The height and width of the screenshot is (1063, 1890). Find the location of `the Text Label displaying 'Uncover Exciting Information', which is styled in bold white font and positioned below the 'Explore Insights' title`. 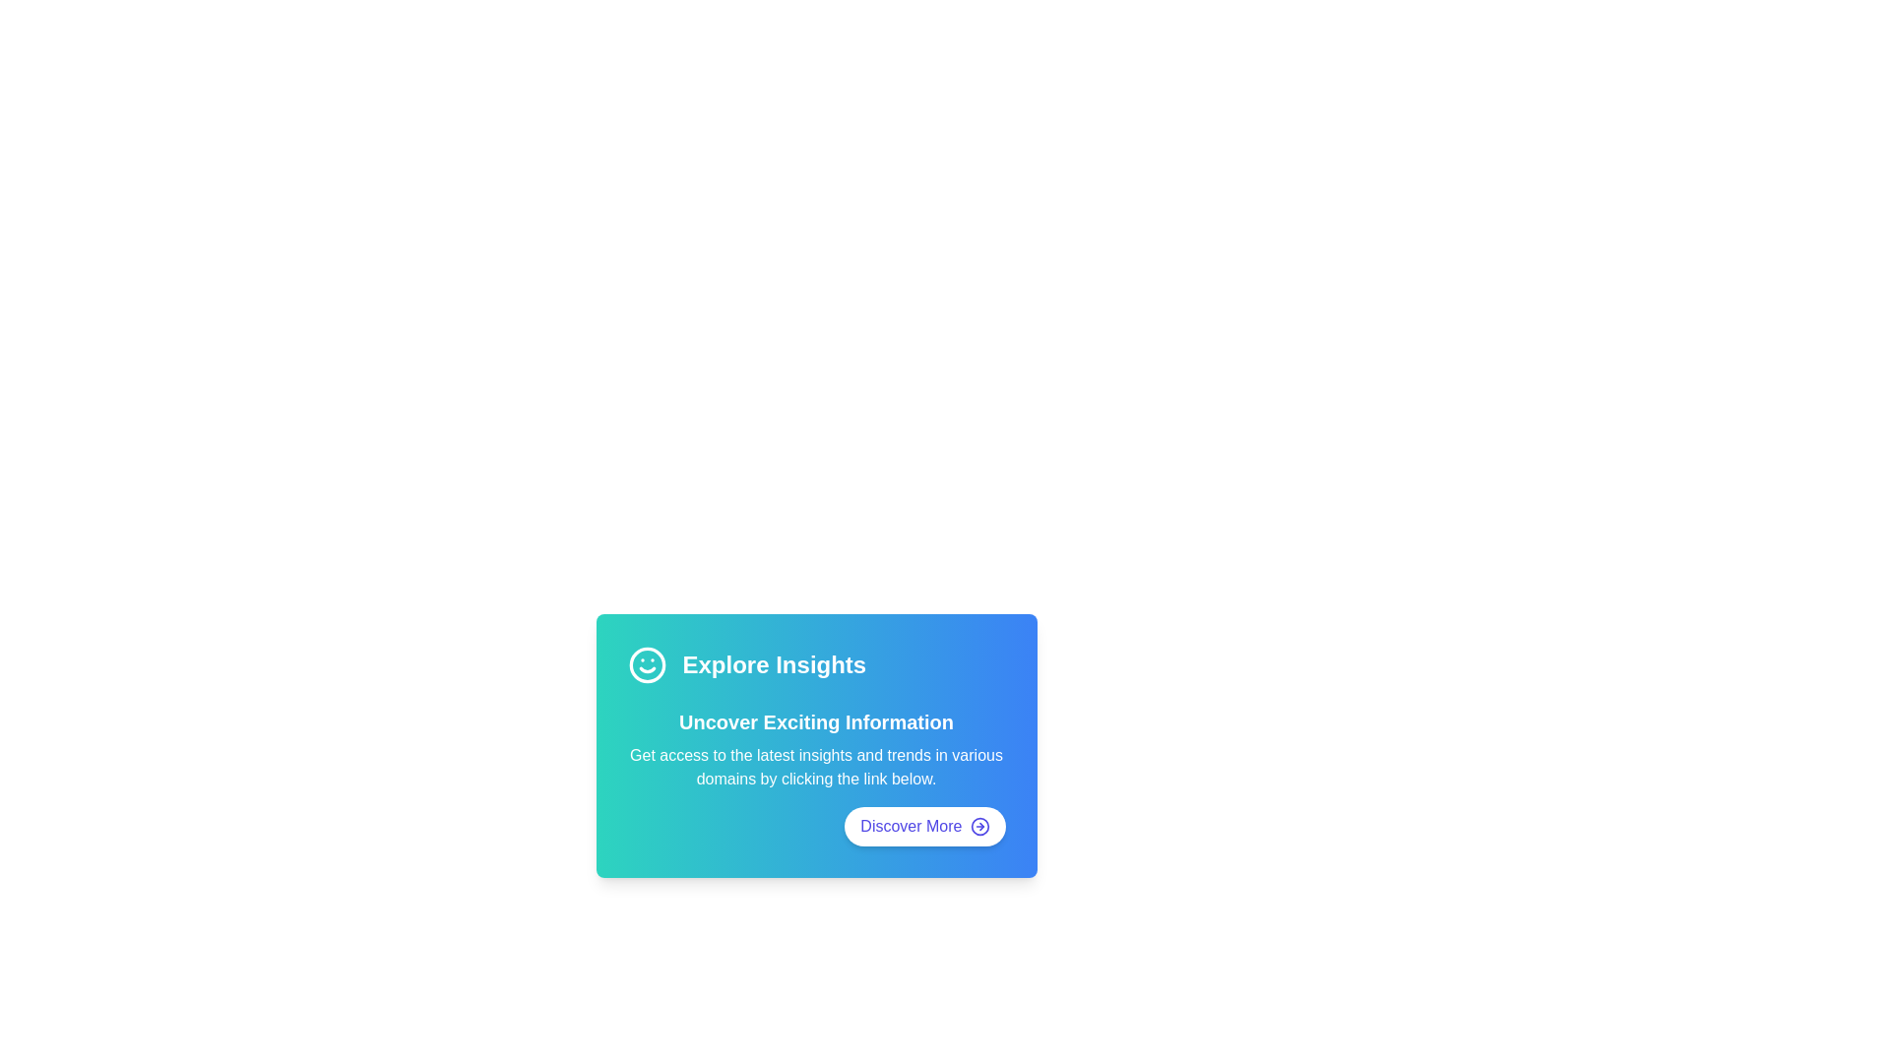

the Text Label displaying 'Uncover Exciting Information', which is styled in bold white font and positioned below the 'Explore Insights' title is located at coordinates (816, 721).